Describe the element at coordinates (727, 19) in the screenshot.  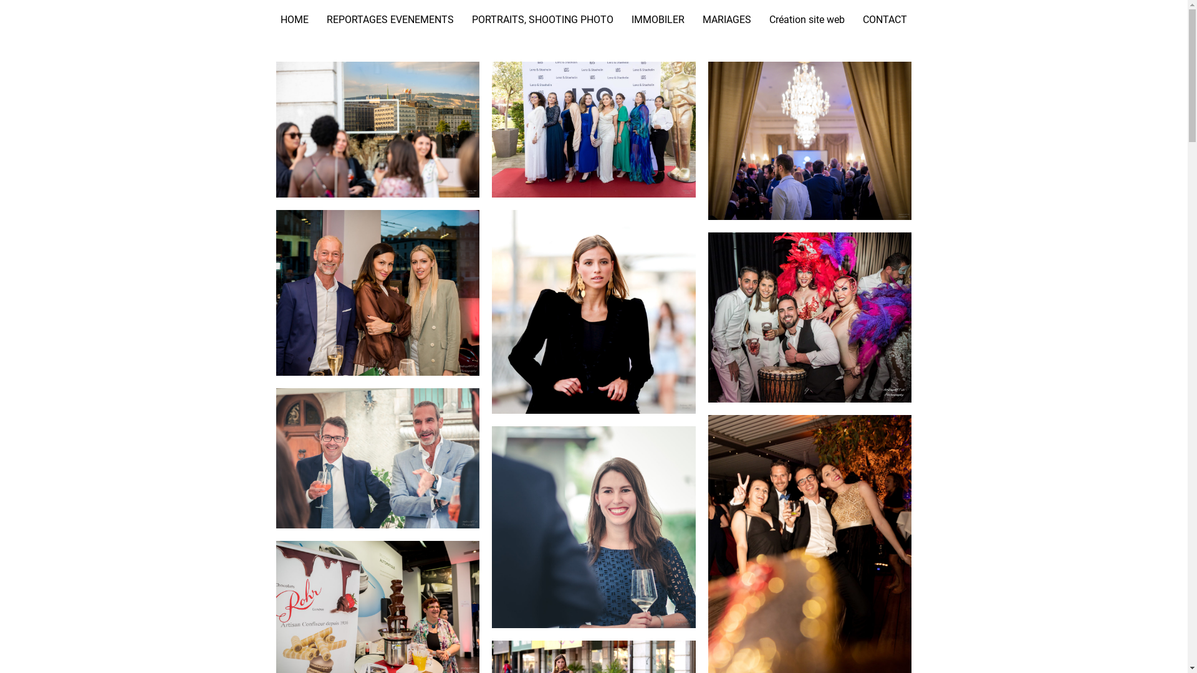
I see `'MARIAGES'` at that location.